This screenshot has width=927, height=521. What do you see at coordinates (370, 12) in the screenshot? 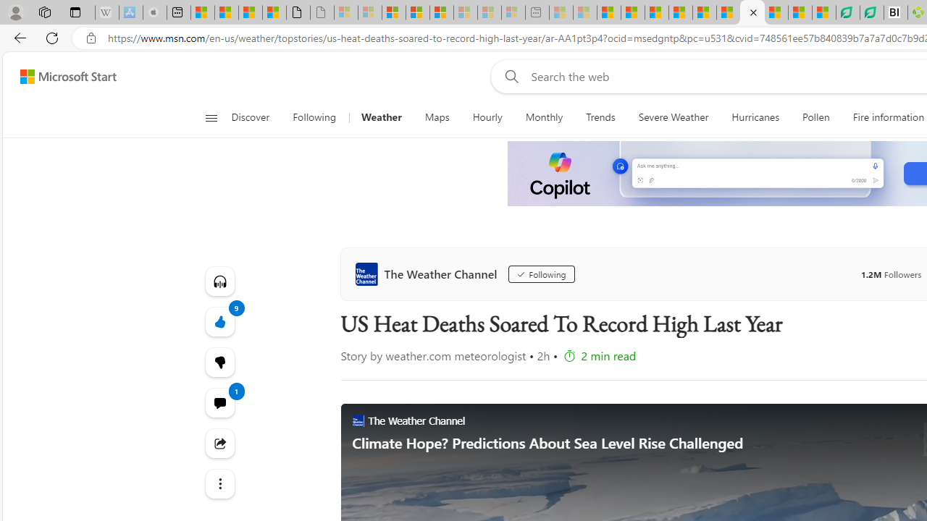
I see `'Microsoft Services Agreement - Sleeping'` at bounding box center [370, 12].